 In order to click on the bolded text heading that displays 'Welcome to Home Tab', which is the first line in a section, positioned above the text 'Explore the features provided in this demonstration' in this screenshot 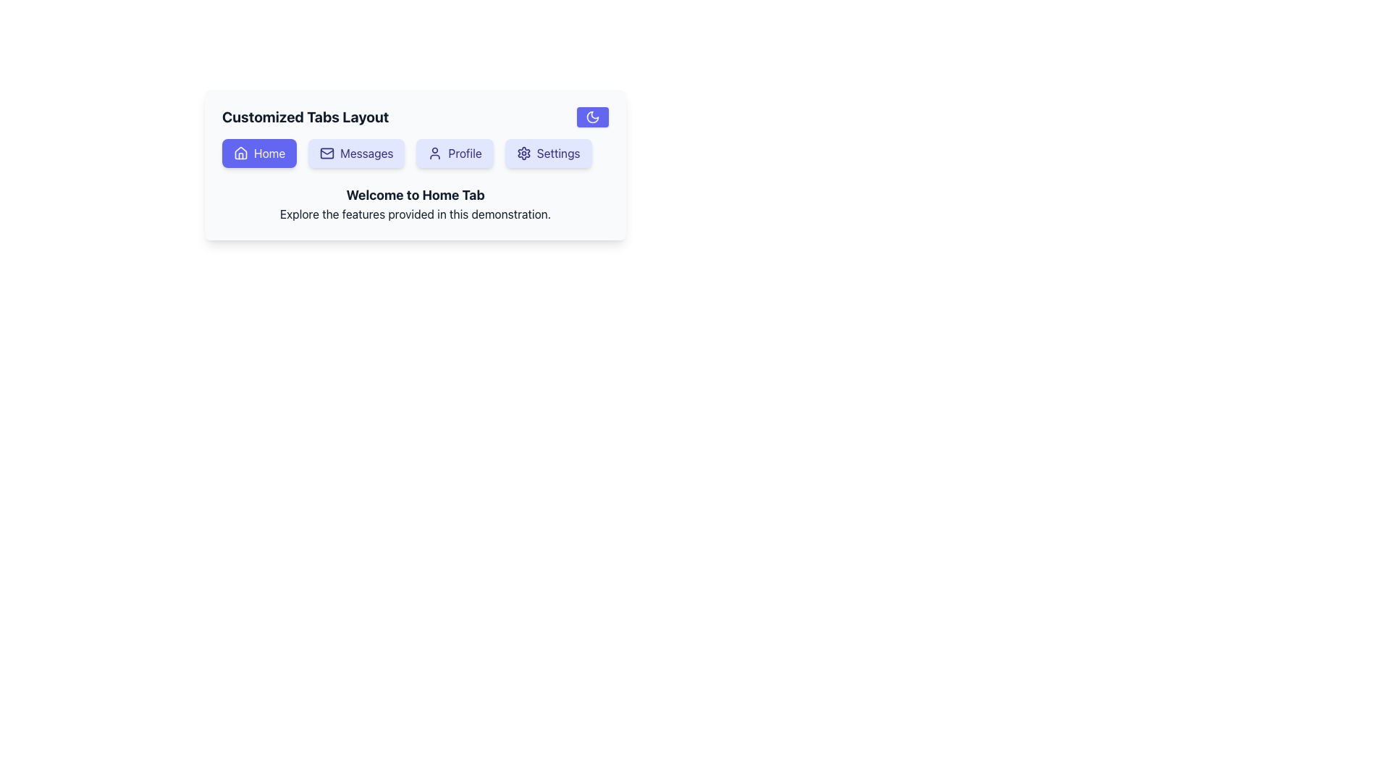, I will do `click(415, 195)`.